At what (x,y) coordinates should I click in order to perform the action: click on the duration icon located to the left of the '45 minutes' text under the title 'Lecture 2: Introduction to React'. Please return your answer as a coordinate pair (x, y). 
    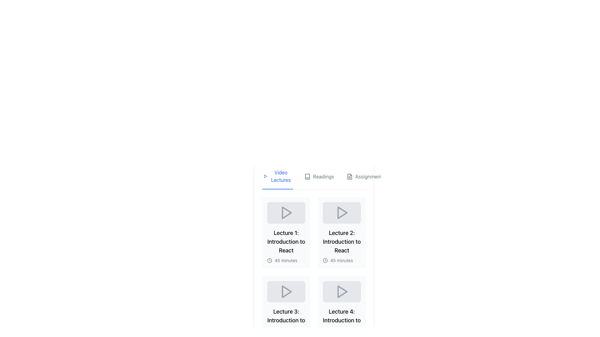
    Looking at the image, I should click on (270, 260).